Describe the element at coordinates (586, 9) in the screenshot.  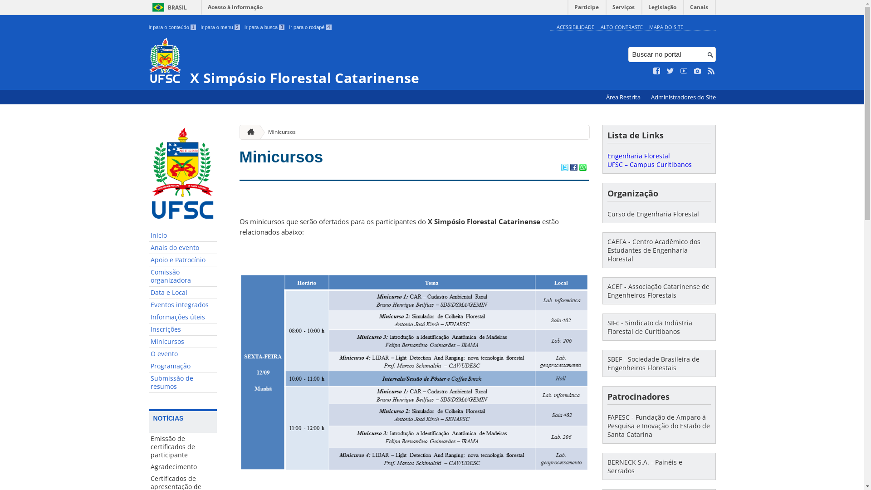
I see `'Participe'` at that location.